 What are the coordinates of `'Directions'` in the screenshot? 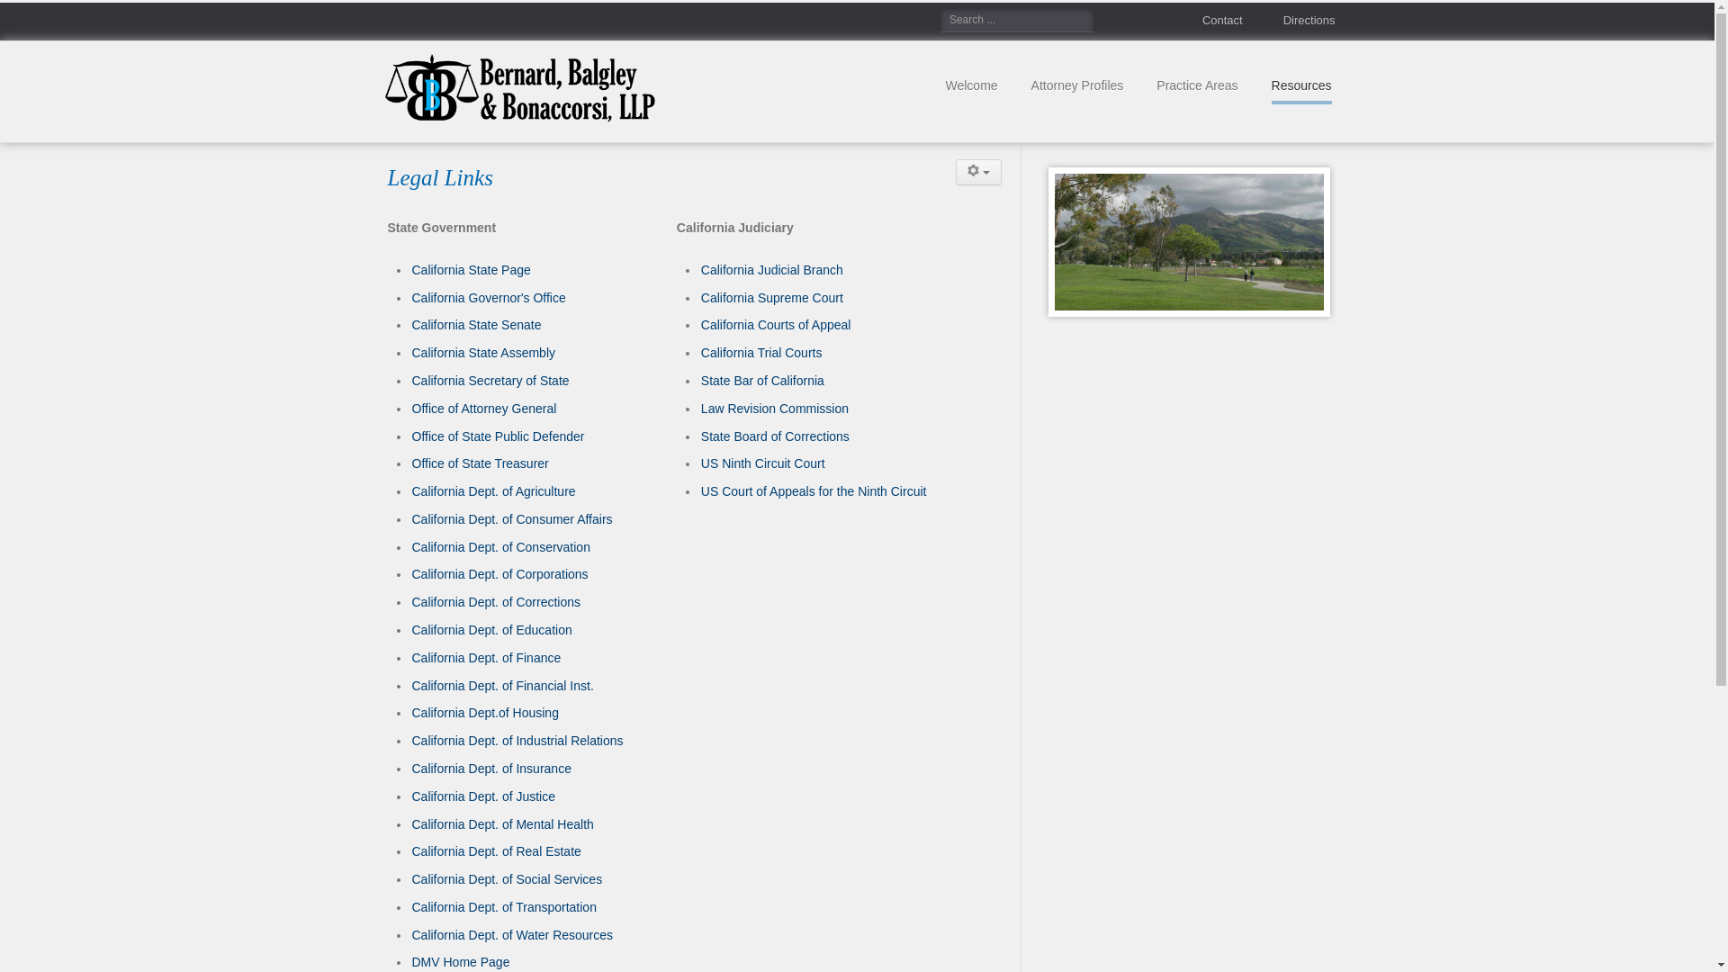 It's located at (1291, 20).